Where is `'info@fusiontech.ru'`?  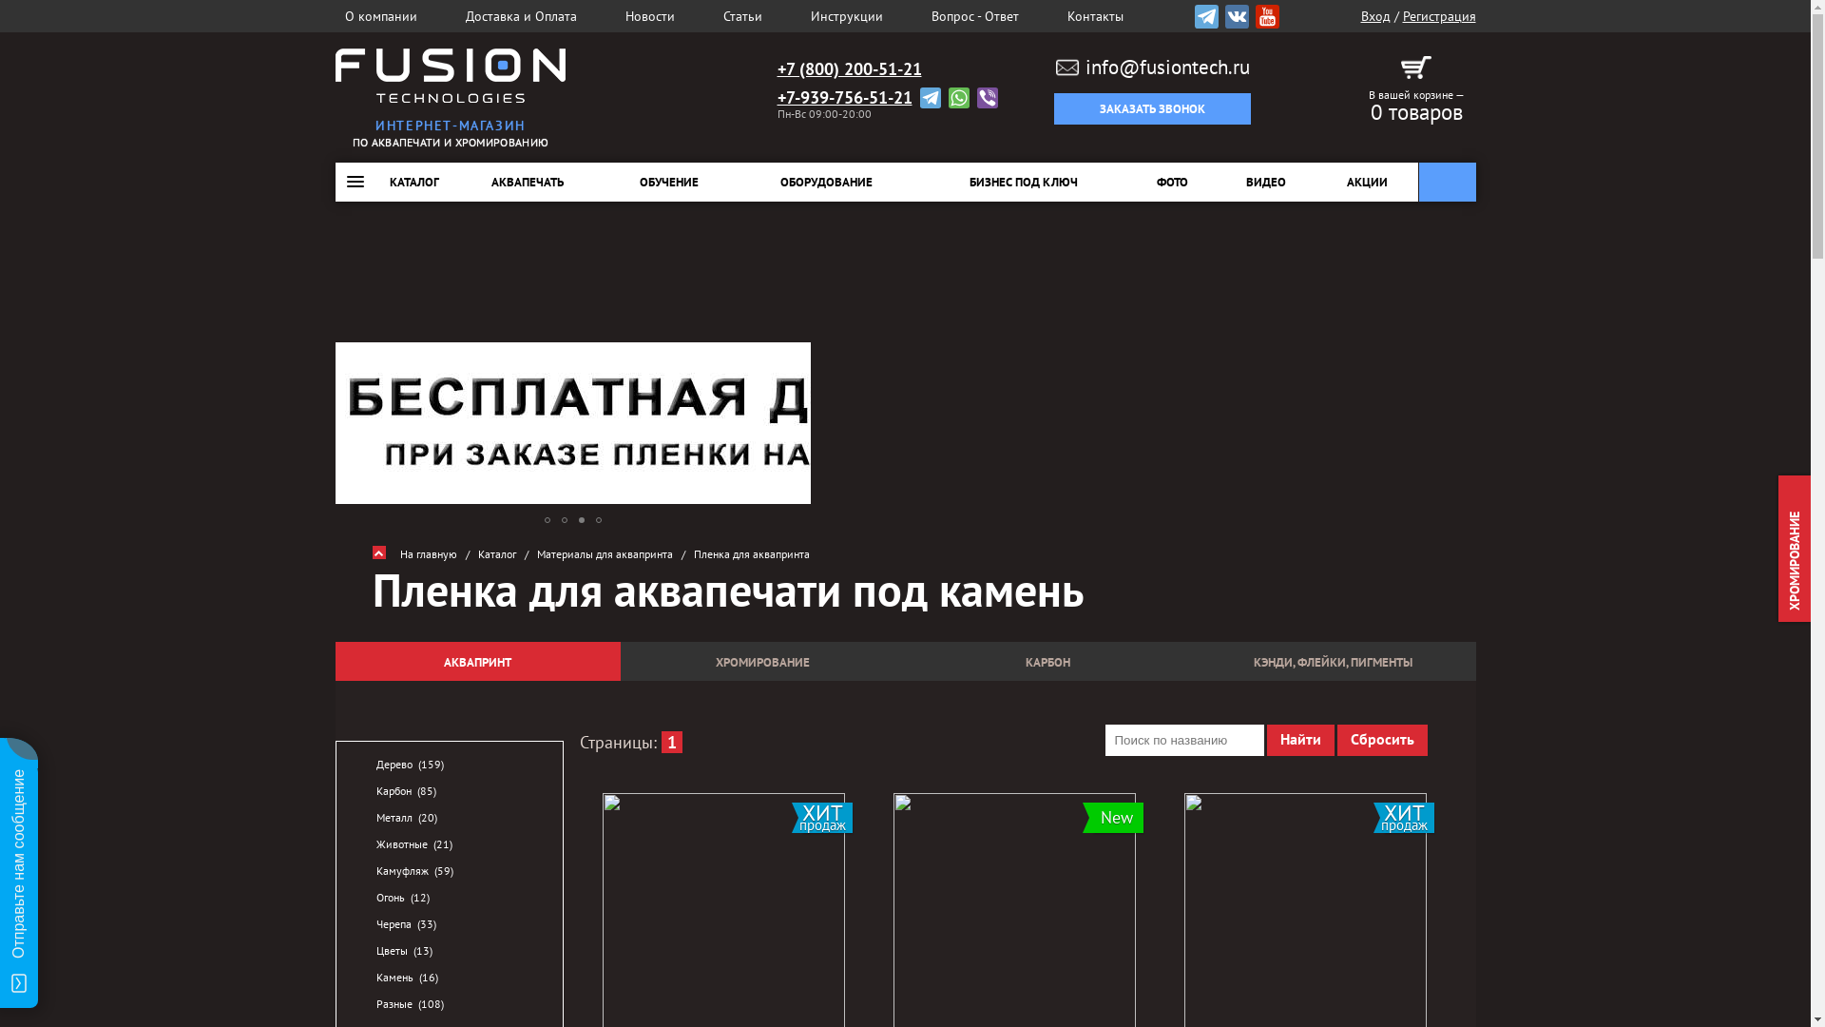 'info@fusiontech.ru' is located at coordinates (1152, 66).